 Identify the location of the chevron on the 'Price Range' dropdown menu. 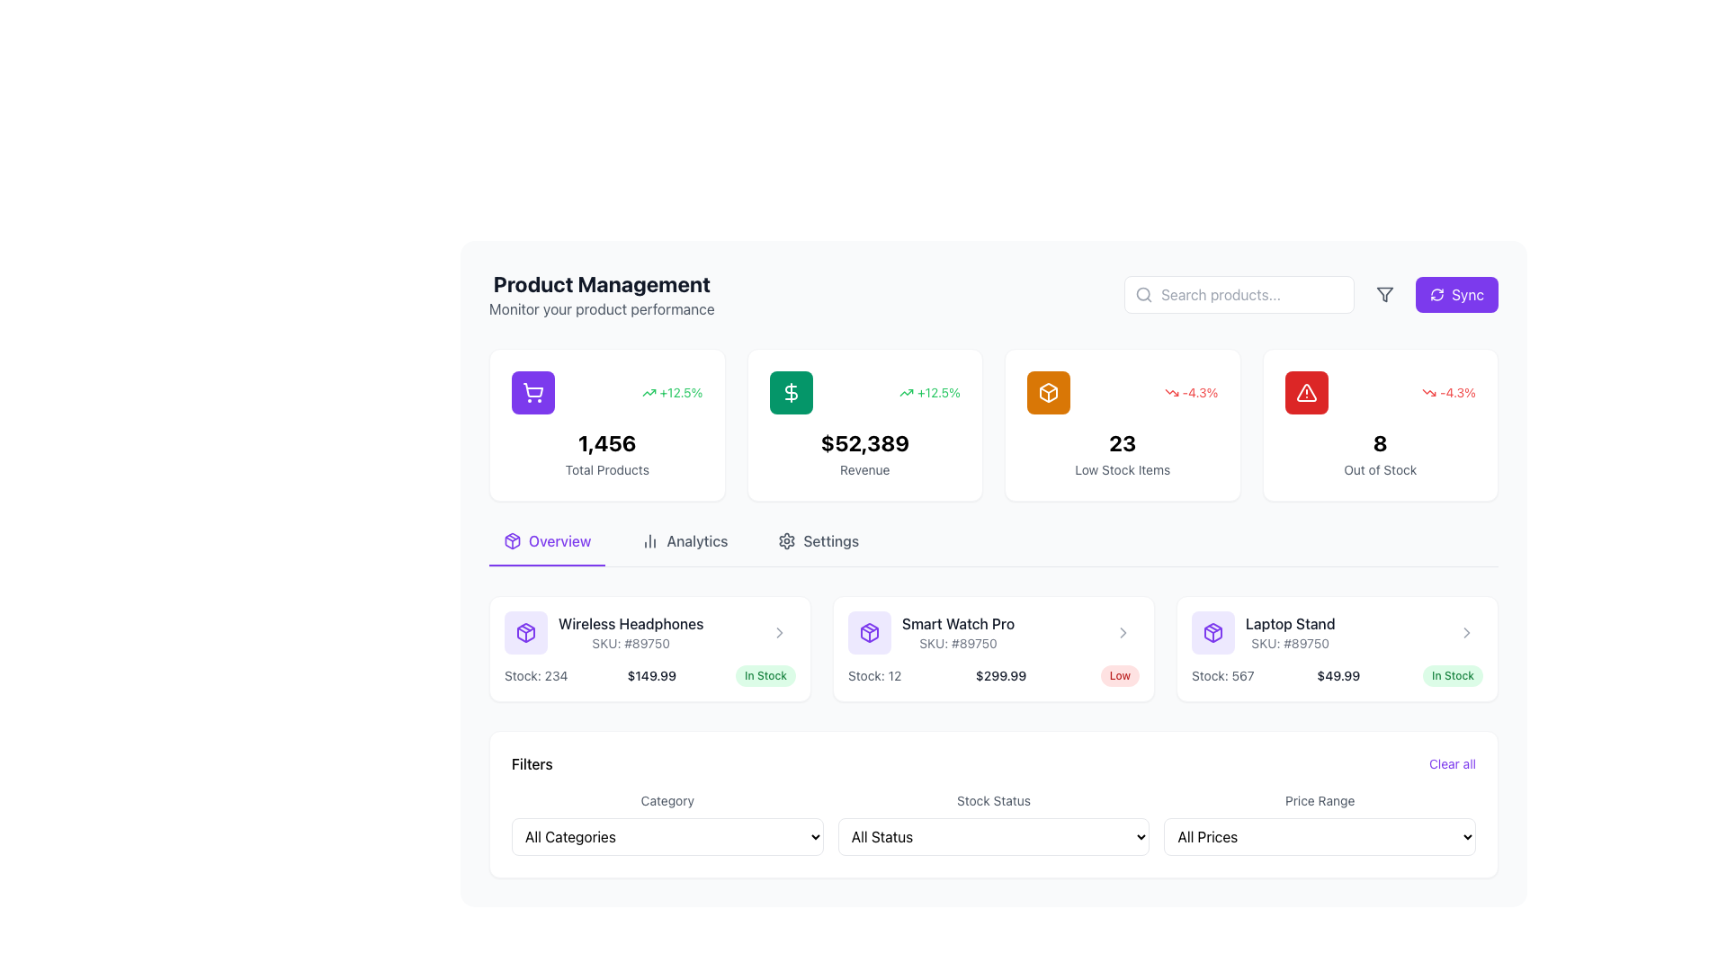
(1320, 836).